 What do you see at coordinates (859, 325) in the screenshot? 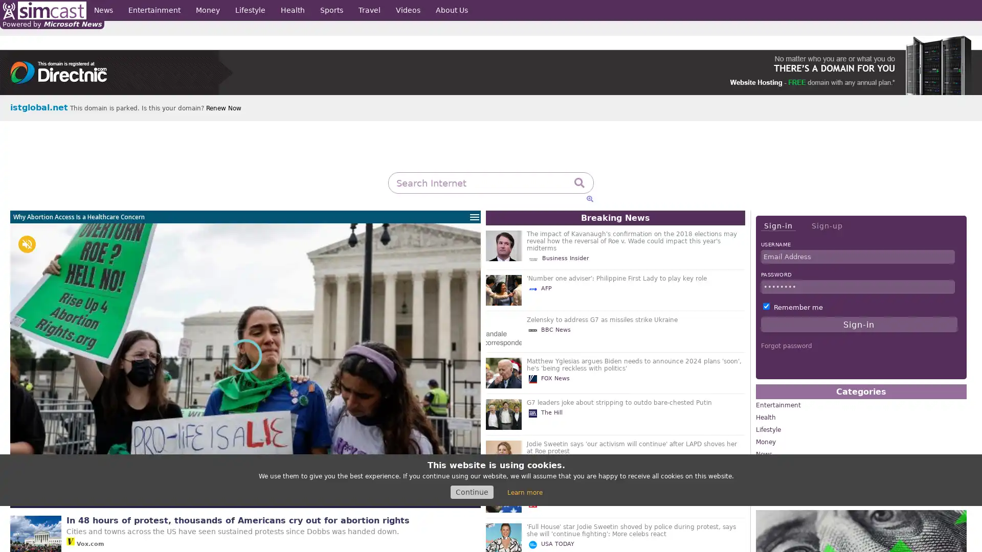
I see `Sign-in` at bounding box center [859, 325].